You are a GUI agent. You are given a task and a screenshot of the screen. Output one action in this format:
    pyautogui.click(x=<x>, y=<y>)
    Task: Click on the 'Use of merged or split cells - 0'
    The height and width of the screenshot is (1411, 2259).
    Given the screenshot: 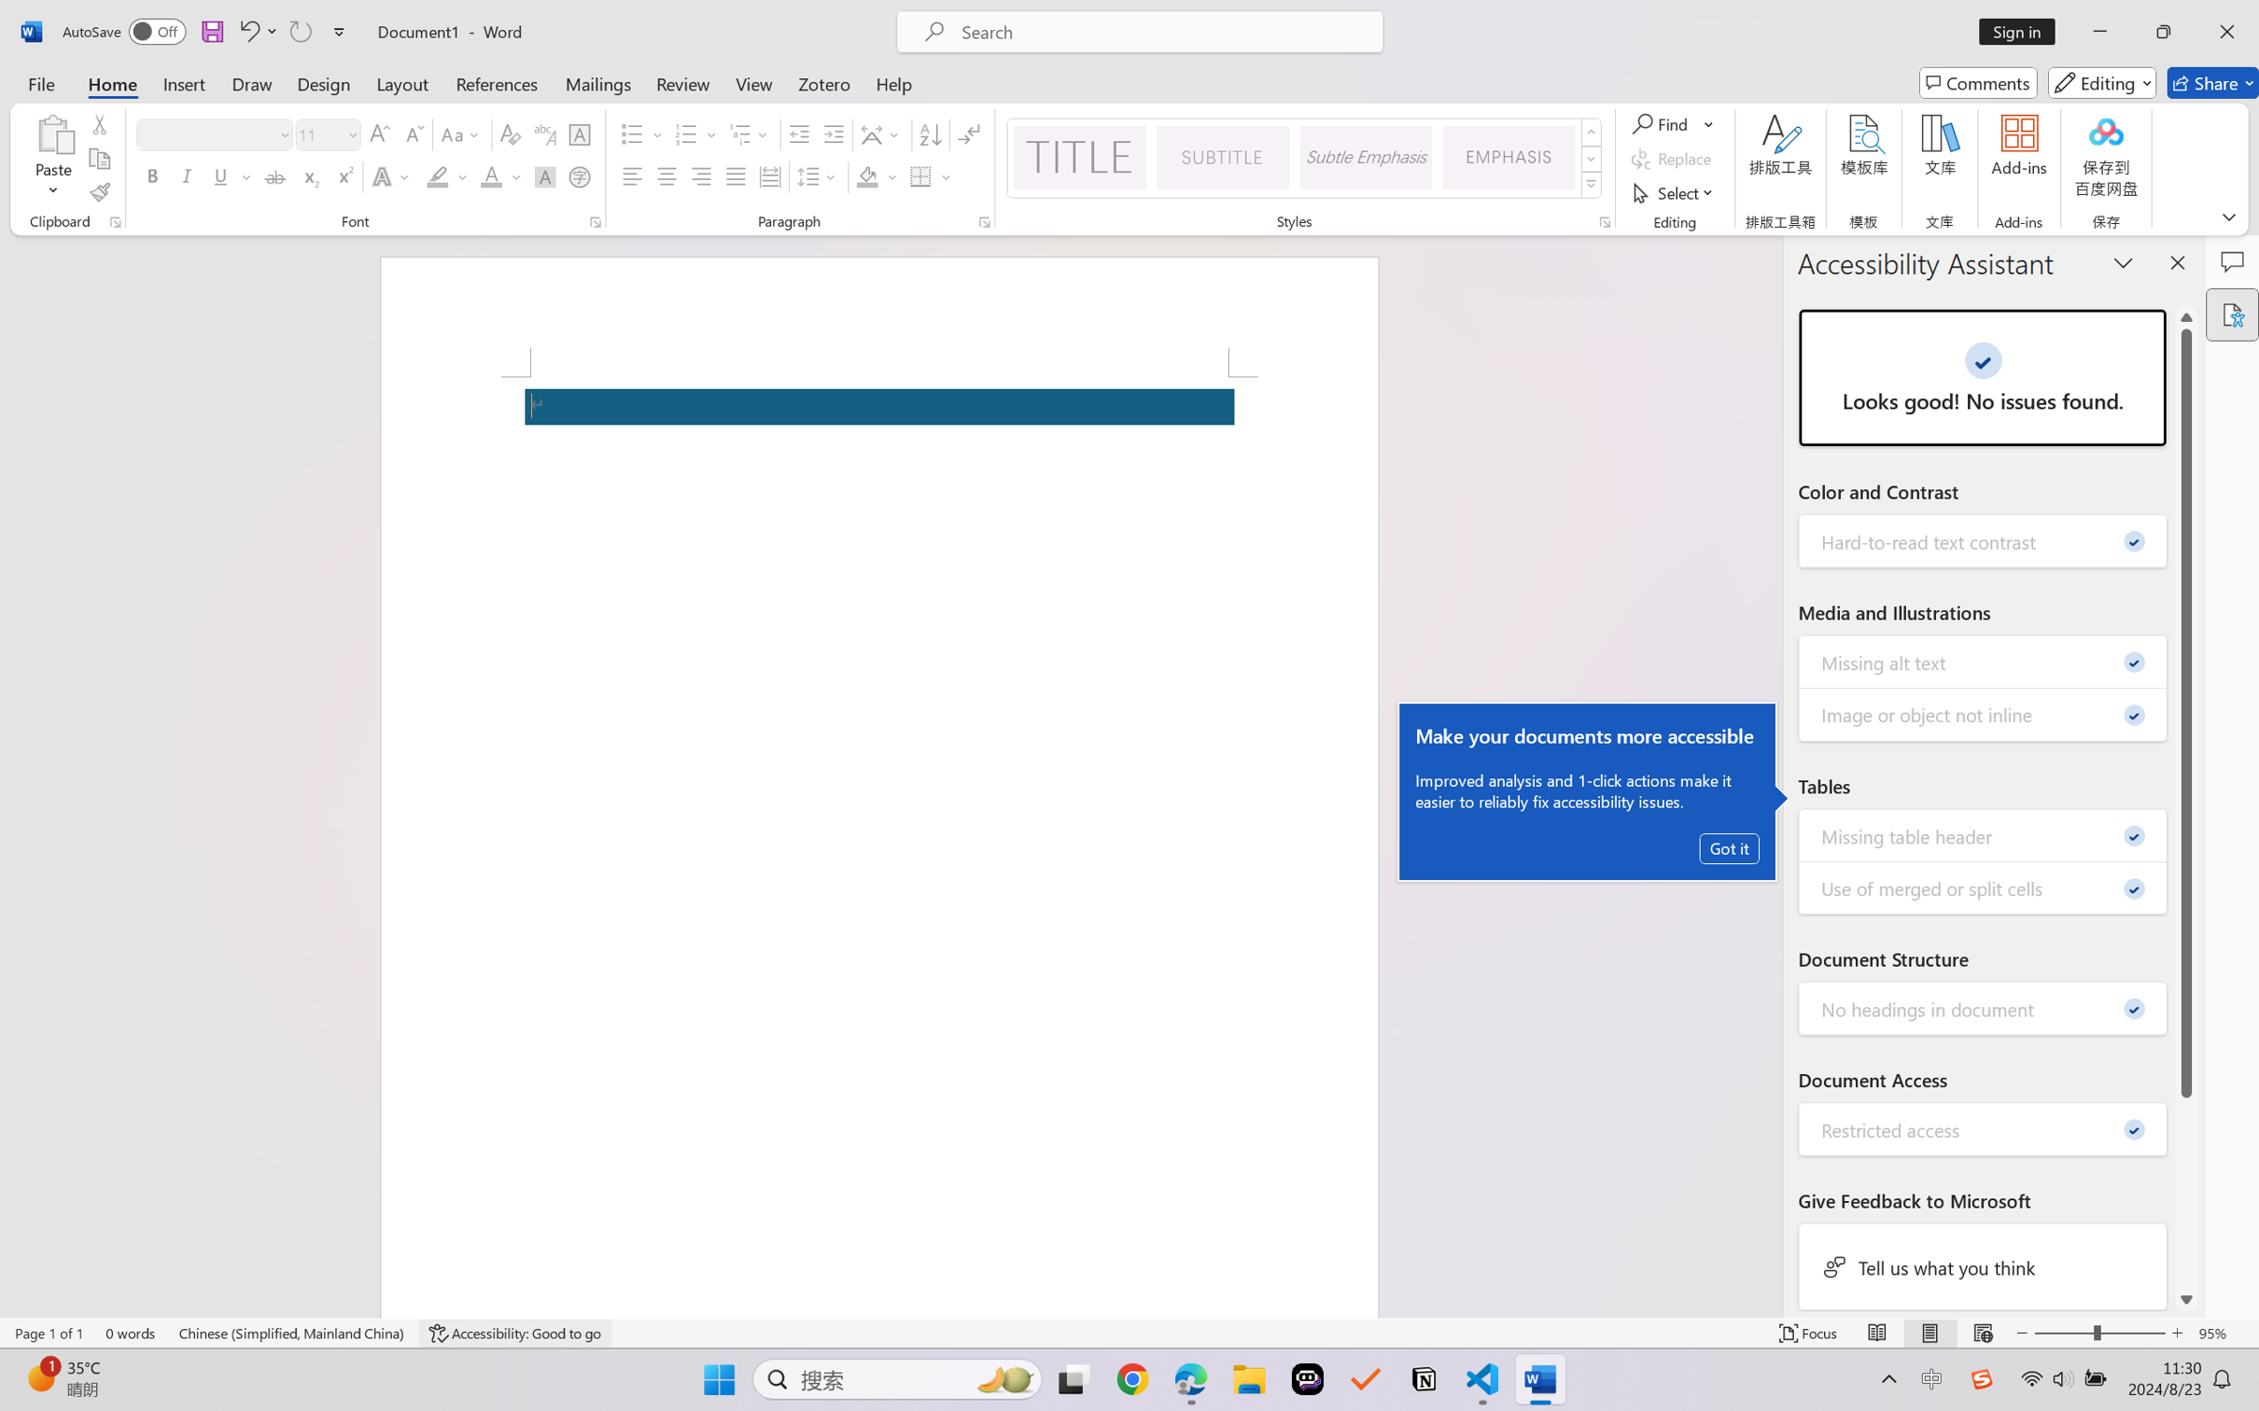 What is the action you would take?
    pyautogui.click(x=1982, y=887)
    